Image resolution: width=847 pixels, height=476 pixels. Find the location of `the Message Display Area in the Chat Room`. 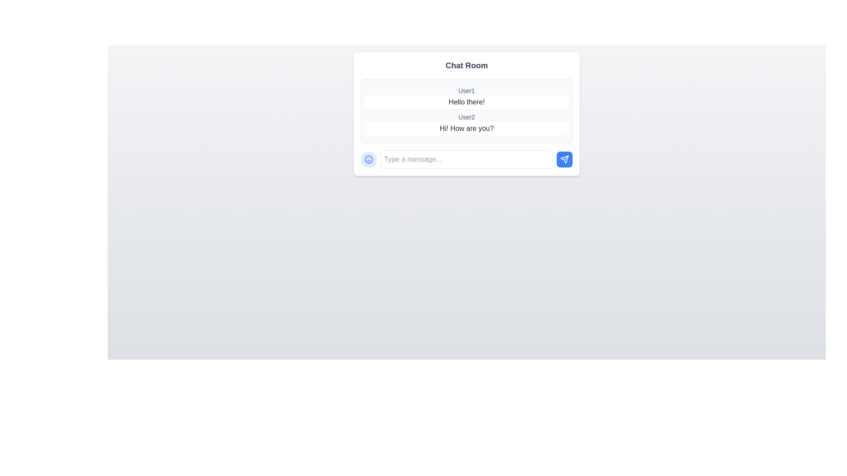

the Message Display Area in the Chat Room is located at coordinates (466, 110).